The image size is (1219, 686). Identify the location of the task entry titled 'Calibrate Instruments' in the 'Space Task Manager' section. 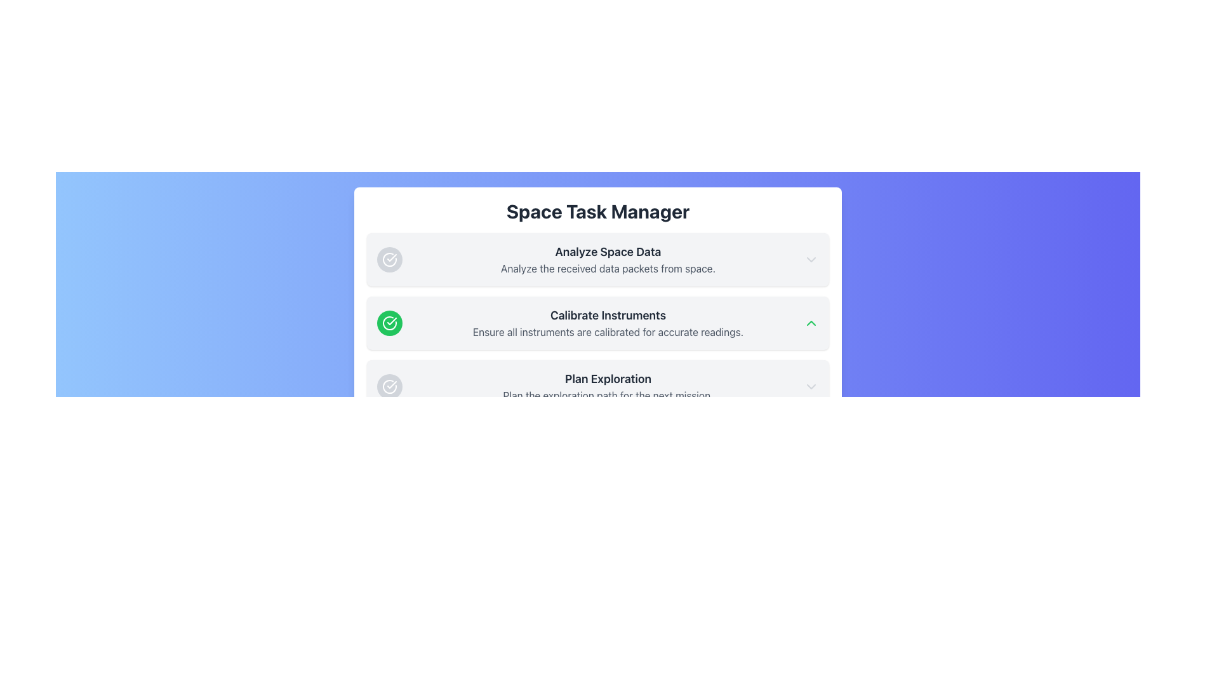
(597, 323).